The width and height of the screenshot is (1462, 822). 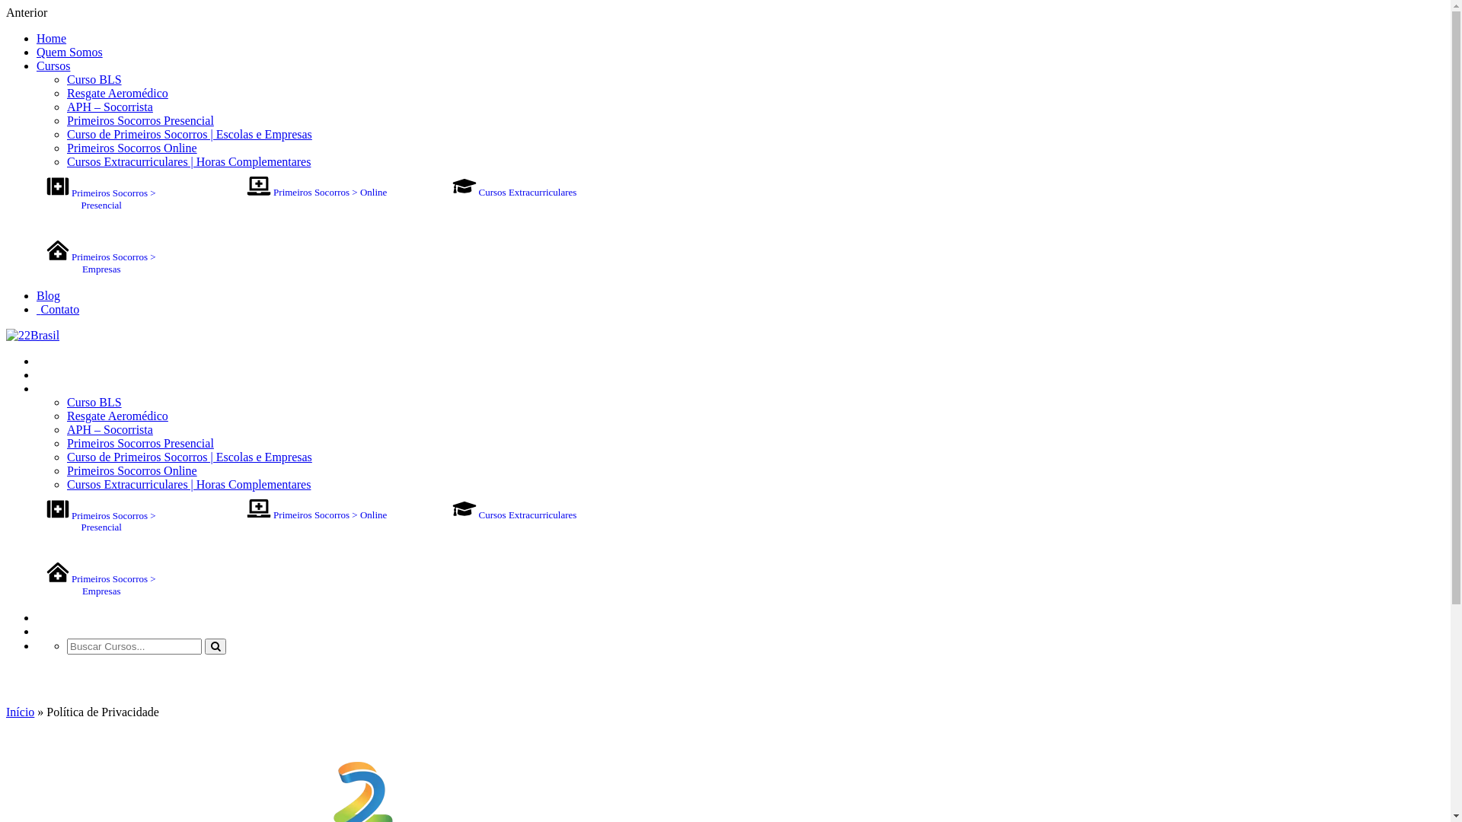 I want to click on 'logo 22', so click(x=33, y=334).